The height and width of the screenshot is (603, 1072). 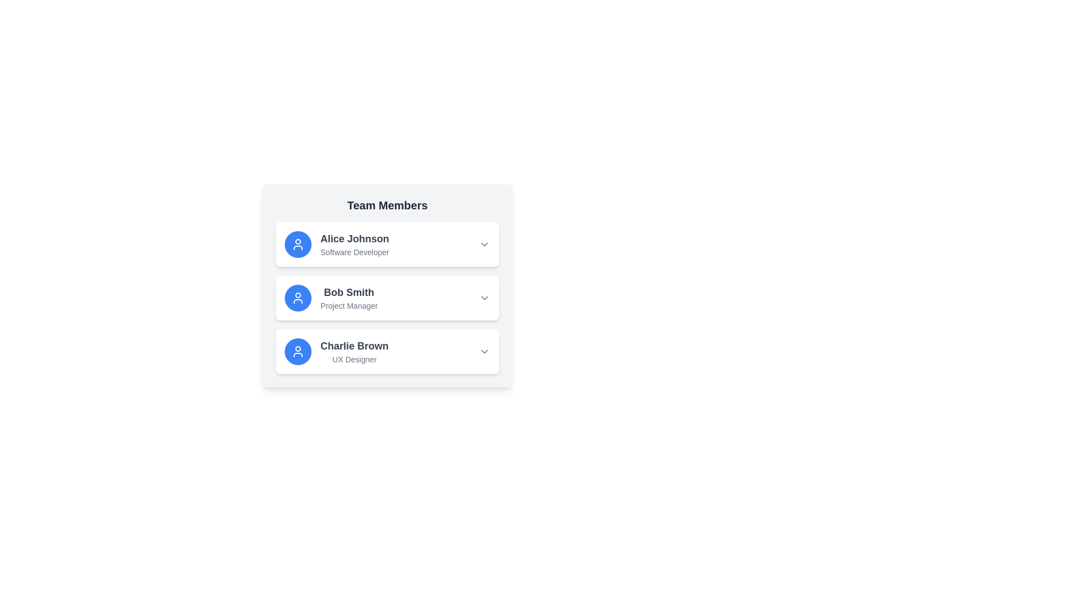 I want to click on the List Item Card representing a team member, located centrally, so click(x=387, y=285).